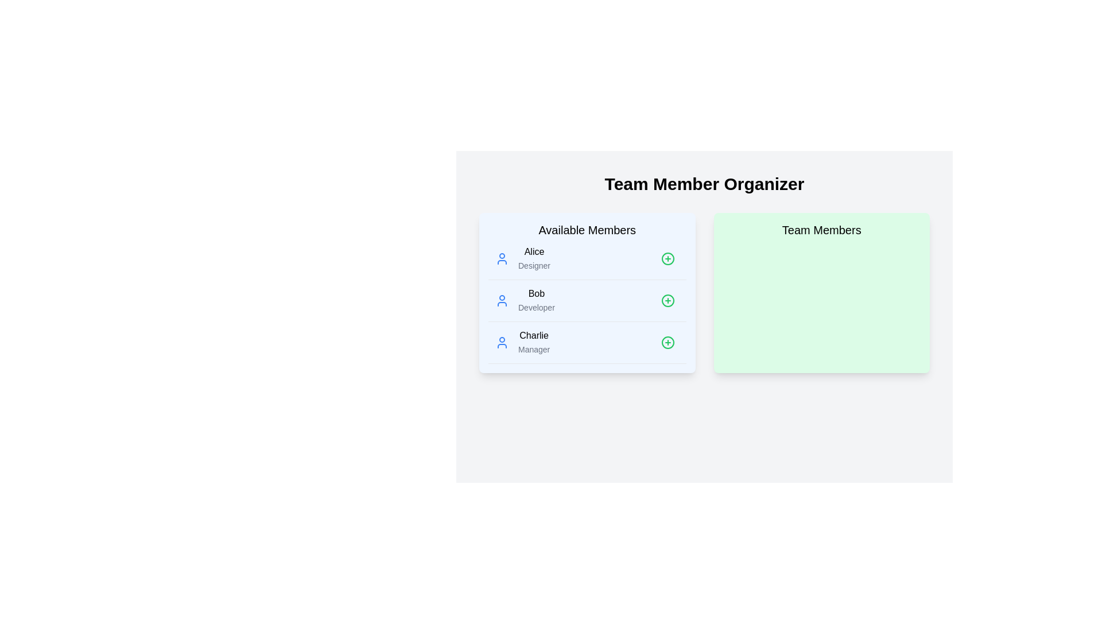 The width and height of the screenshot is (1102, 620). What do you see at coordinates (668, 259) in the screenshot?
I see `the action button on the far-right edge of the list item labeled 'Alice - Designer'` at bounding box center [668, 259].